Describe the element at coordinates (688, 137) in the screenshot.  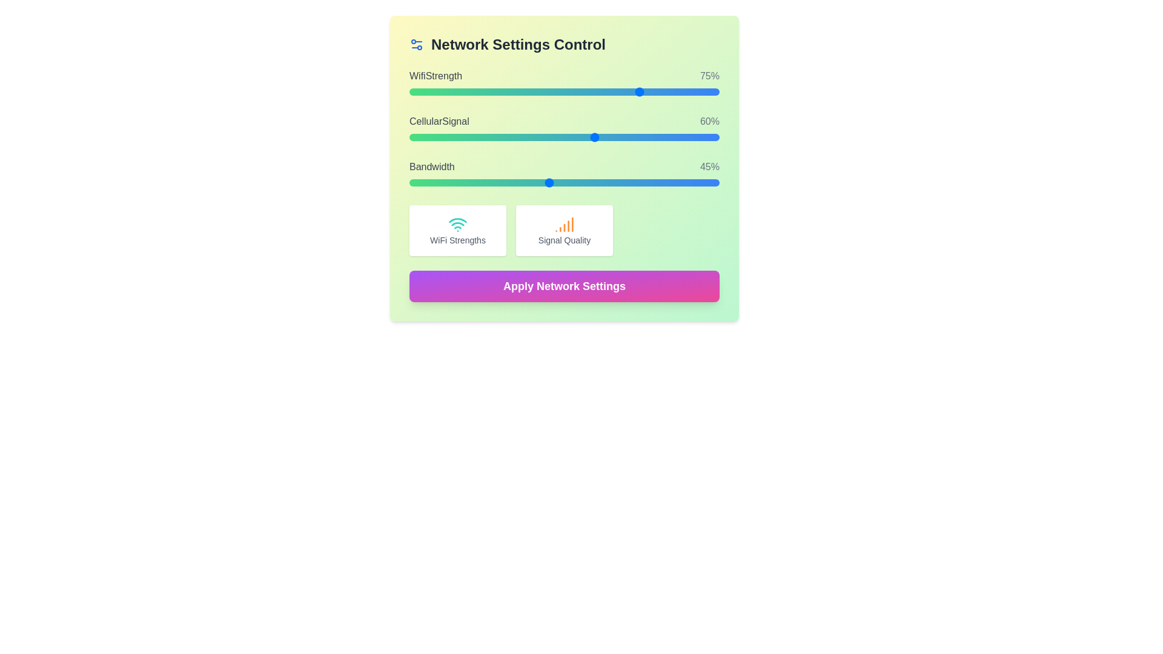
I see `the Cellular Signal slider` at that location.